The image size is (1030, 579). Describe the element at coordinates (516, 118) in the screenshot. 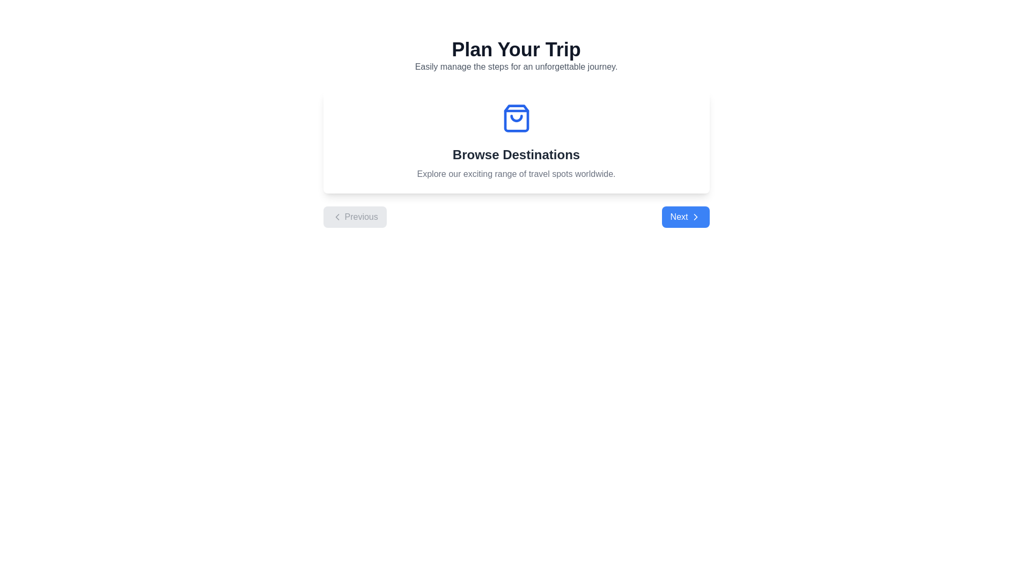

I see `the decorative icon that serves as an introductory graphic for the 'Browse Destinations' section` at that location.